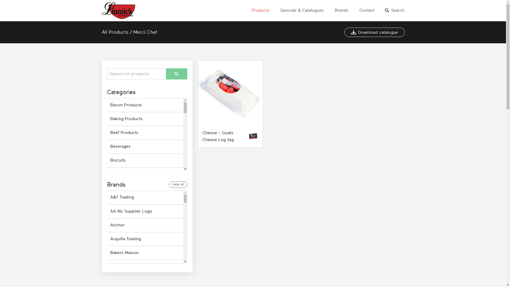  I want to click on 'Frozen Fruit', so click(145, 271).